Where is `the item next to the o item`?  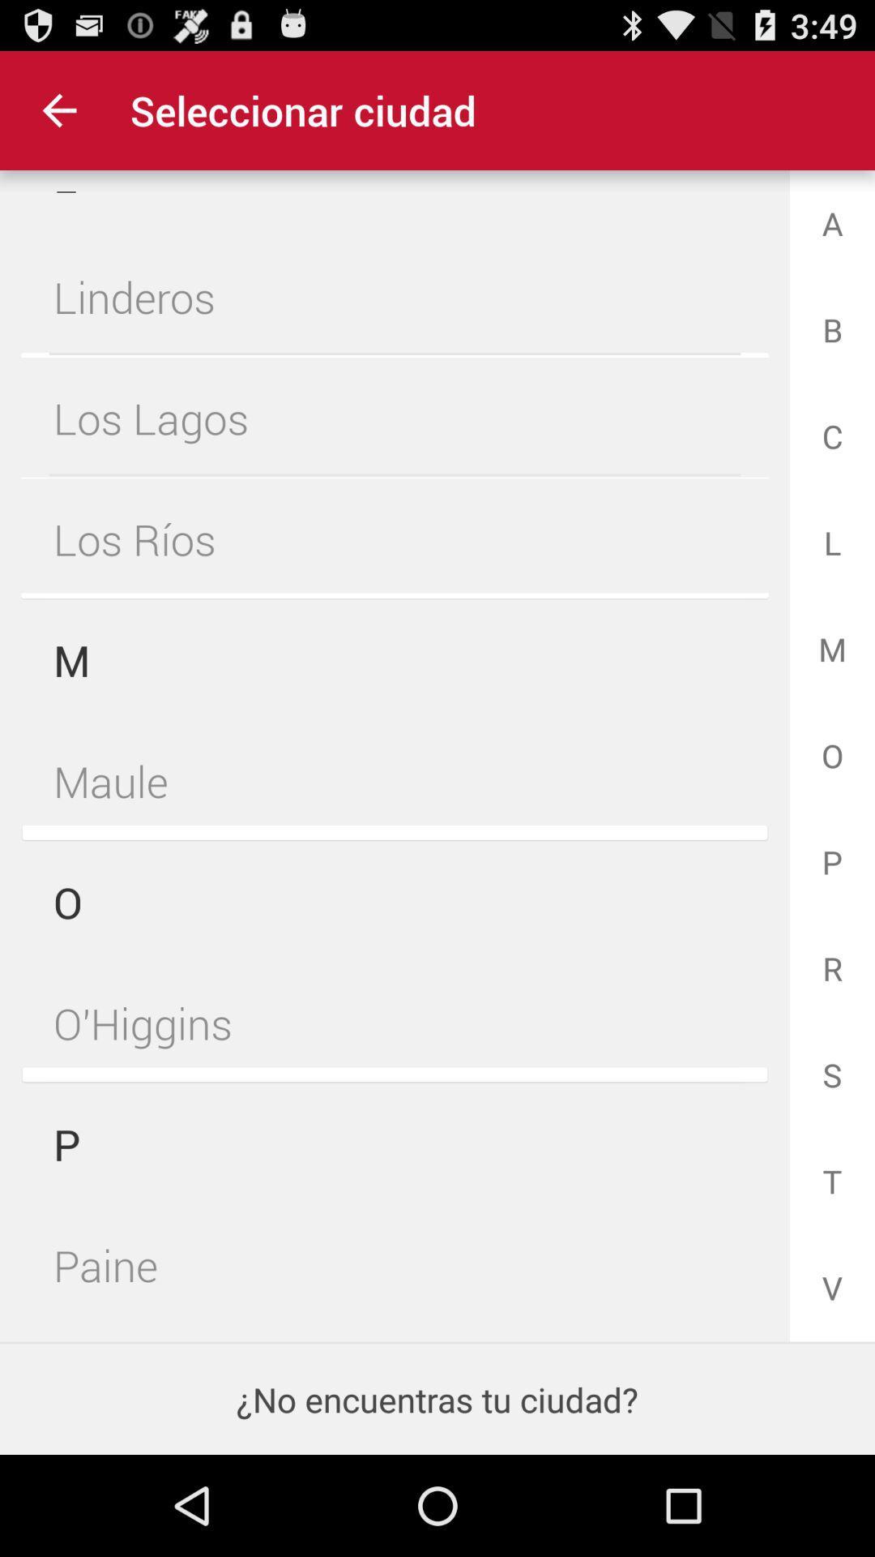 the item next to the o item is located at coordinates (395, 781).